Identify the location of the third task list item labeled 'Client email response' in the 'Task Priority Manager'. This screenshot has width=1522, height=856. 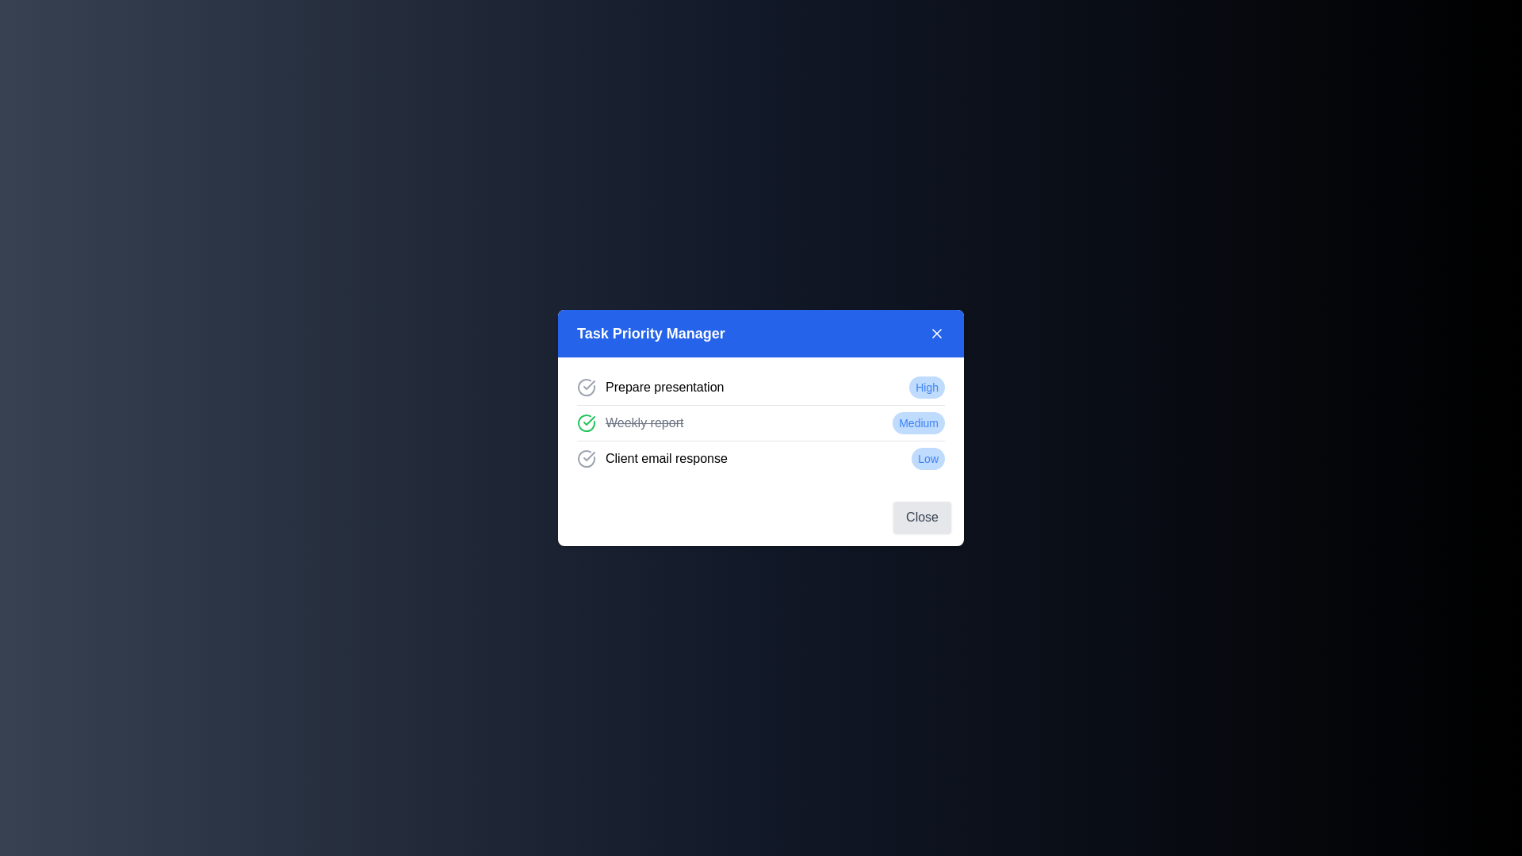
(761, 458).